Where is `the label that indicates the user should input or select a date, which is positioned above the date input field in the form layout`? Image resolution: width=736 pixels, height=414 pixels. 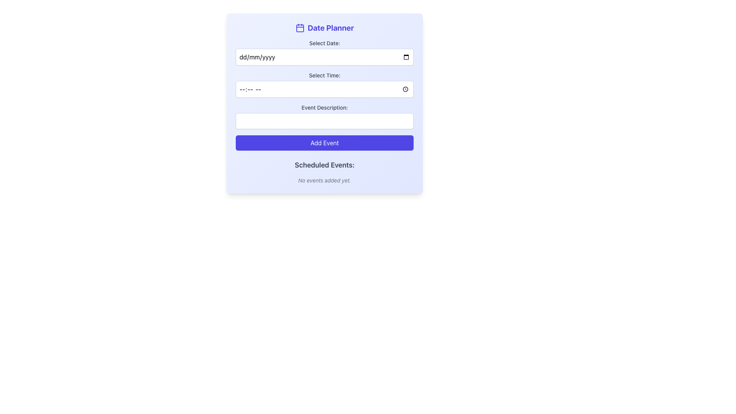 the label that indicates the user should input or select a date, which is positioned above the date input field in the form layout is located at coordinates (324, 43).